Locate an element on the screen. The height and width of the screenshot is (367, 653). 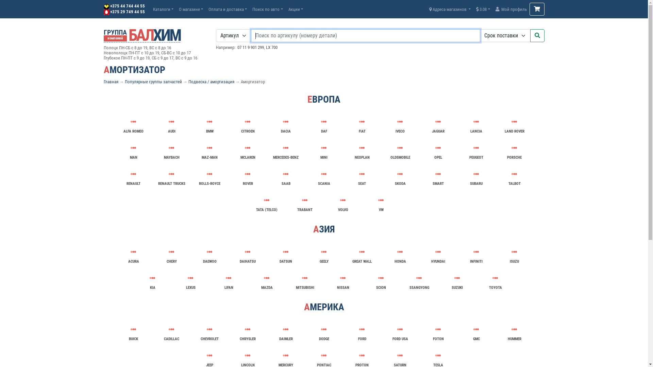
'SUZUKI' is located at coordinates (457, 278).